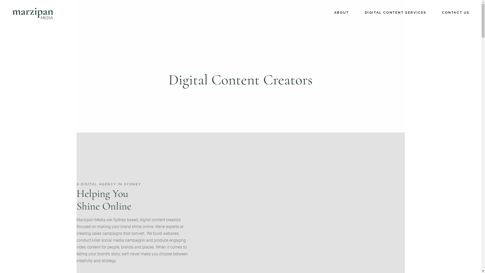  I want to click on 'ABOUT', so click(342, 12).